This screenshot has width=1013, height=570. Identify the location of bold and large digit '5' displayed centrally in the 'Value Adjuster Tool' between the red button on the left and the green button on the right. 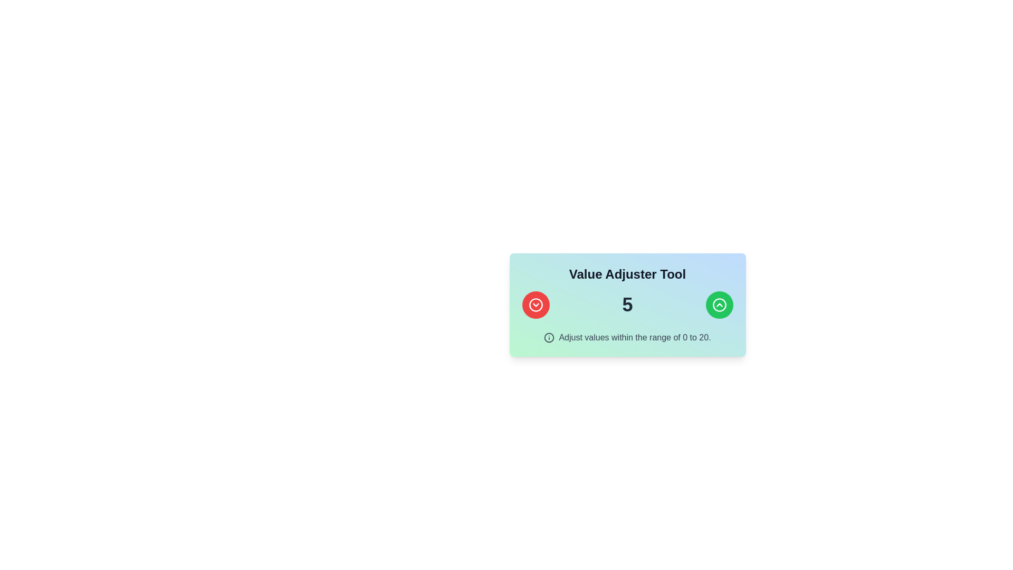
(627, 305).